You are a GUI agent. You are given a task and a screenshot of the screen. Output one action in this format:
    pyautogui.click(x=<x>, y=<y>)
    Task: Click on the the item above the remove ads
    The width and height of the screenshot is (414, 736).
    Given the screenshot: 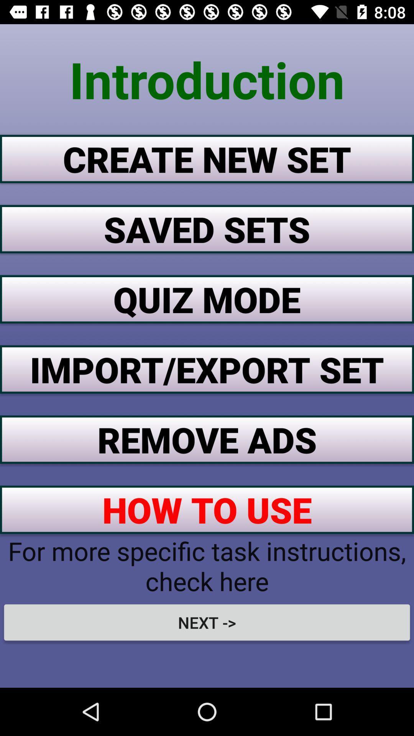 What is the action you would take?
    pyautogui.click(x=207, y=369)
    